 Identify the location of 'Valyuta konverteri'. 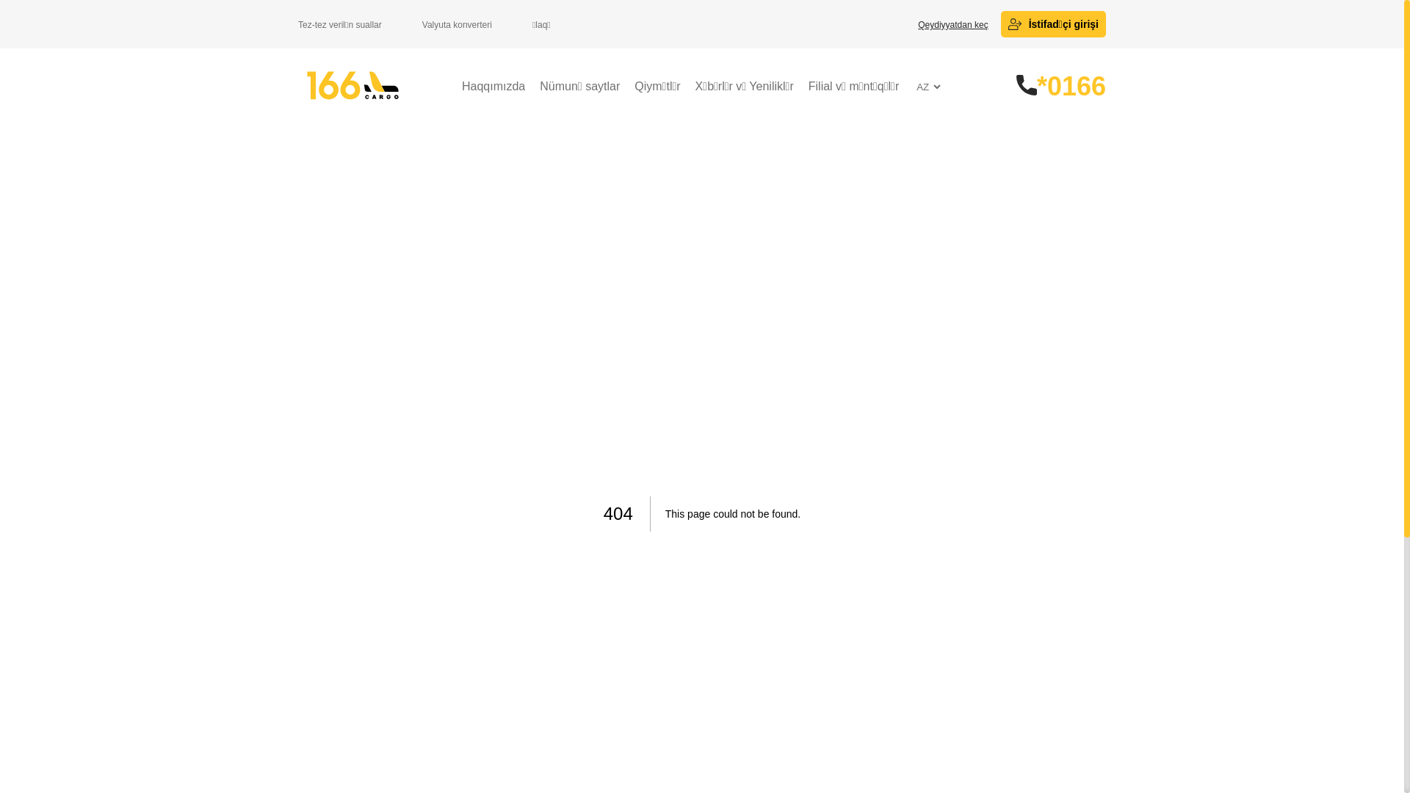
(456, 25).